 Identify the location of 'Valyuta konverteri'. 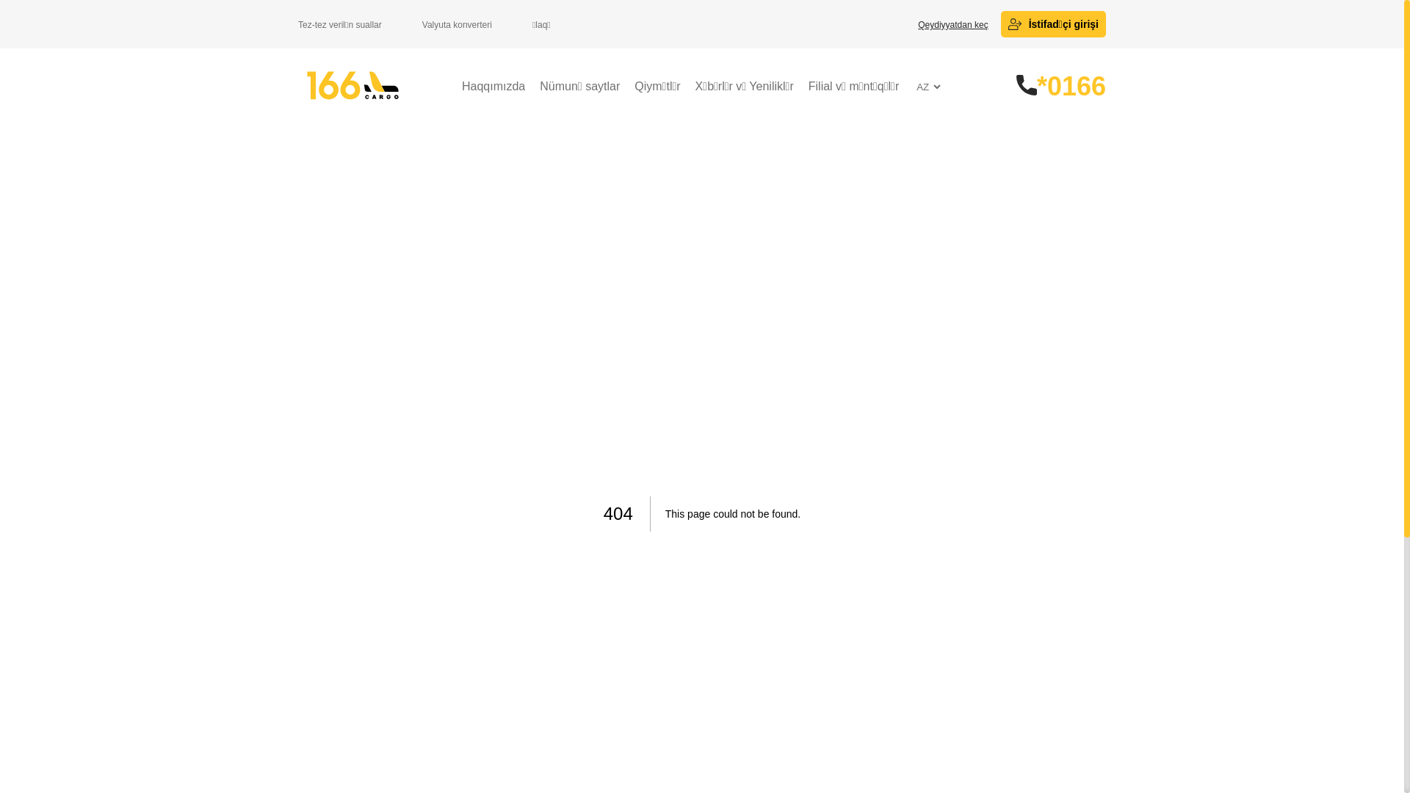
(456, 25).